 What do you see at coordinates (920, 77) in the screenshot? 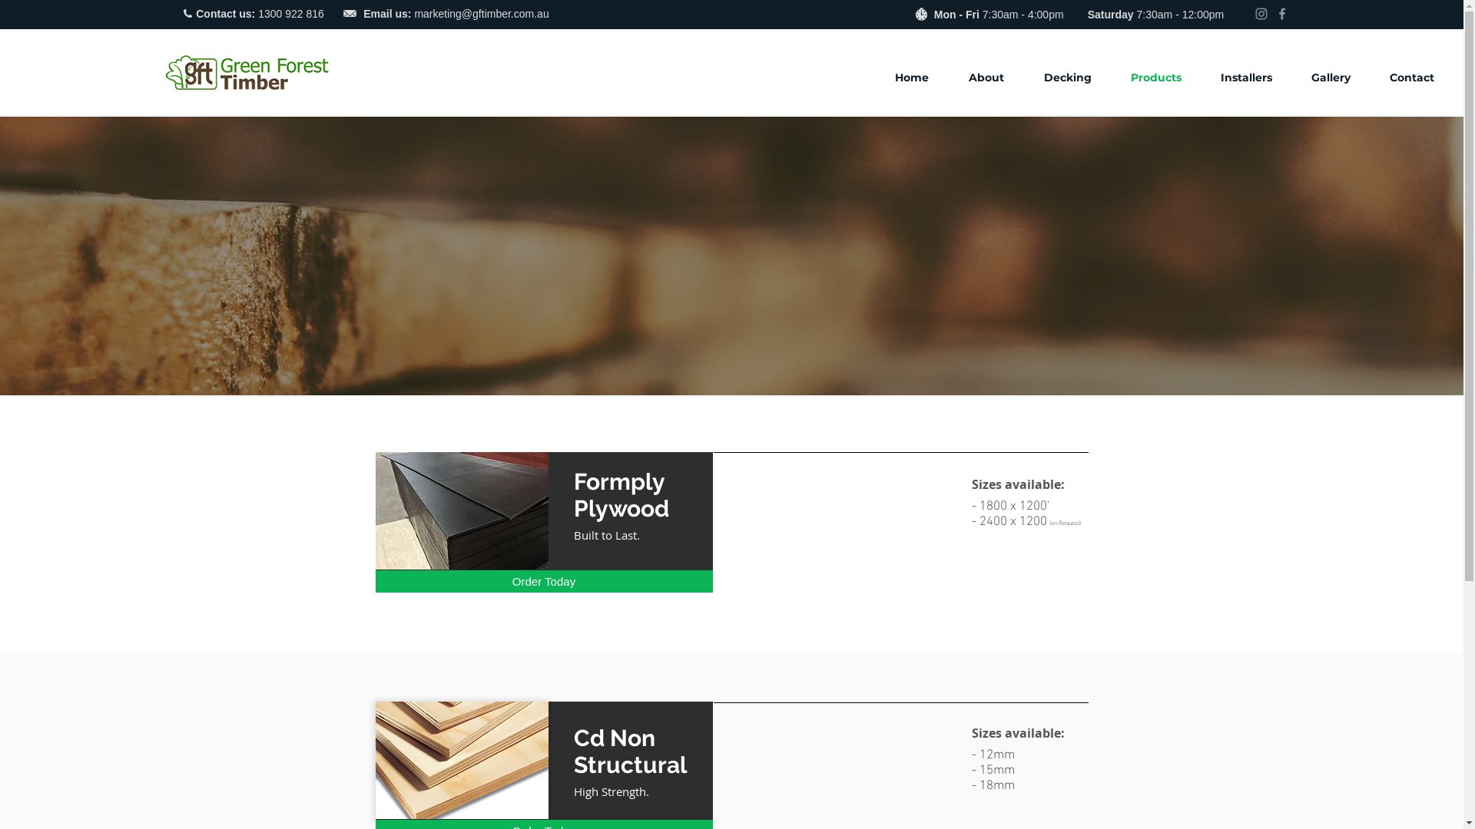
I see `'Home'` at bounding box center [920, 77].